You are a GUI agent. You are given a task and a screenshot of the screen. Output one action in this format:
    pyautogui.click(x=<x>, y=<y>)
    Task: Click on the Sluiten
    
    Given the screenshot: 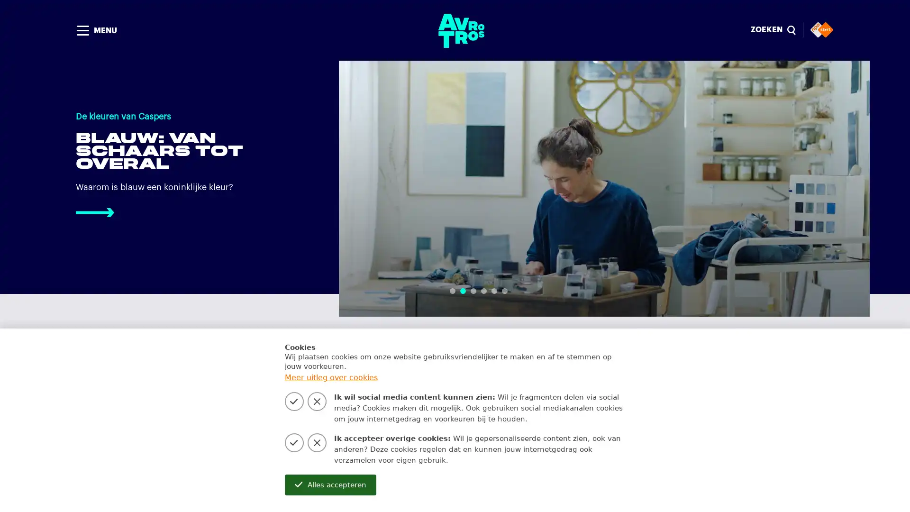 What is the action you would take?
    pyautogui.click(x=792, y=30)
    